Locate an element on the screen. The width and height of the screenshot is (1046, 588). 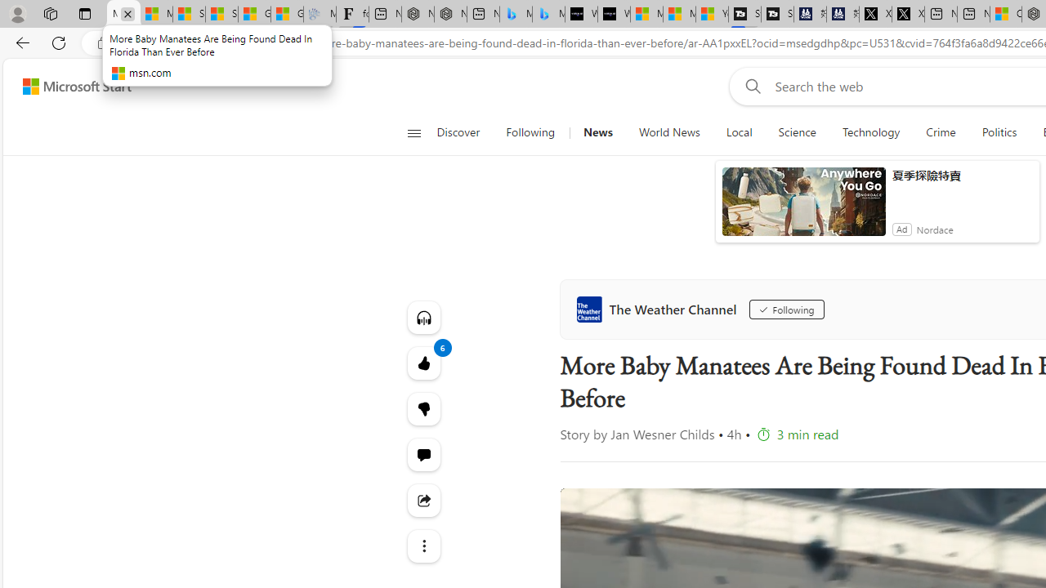
'anim-content' is located at coordinates (803, 207).